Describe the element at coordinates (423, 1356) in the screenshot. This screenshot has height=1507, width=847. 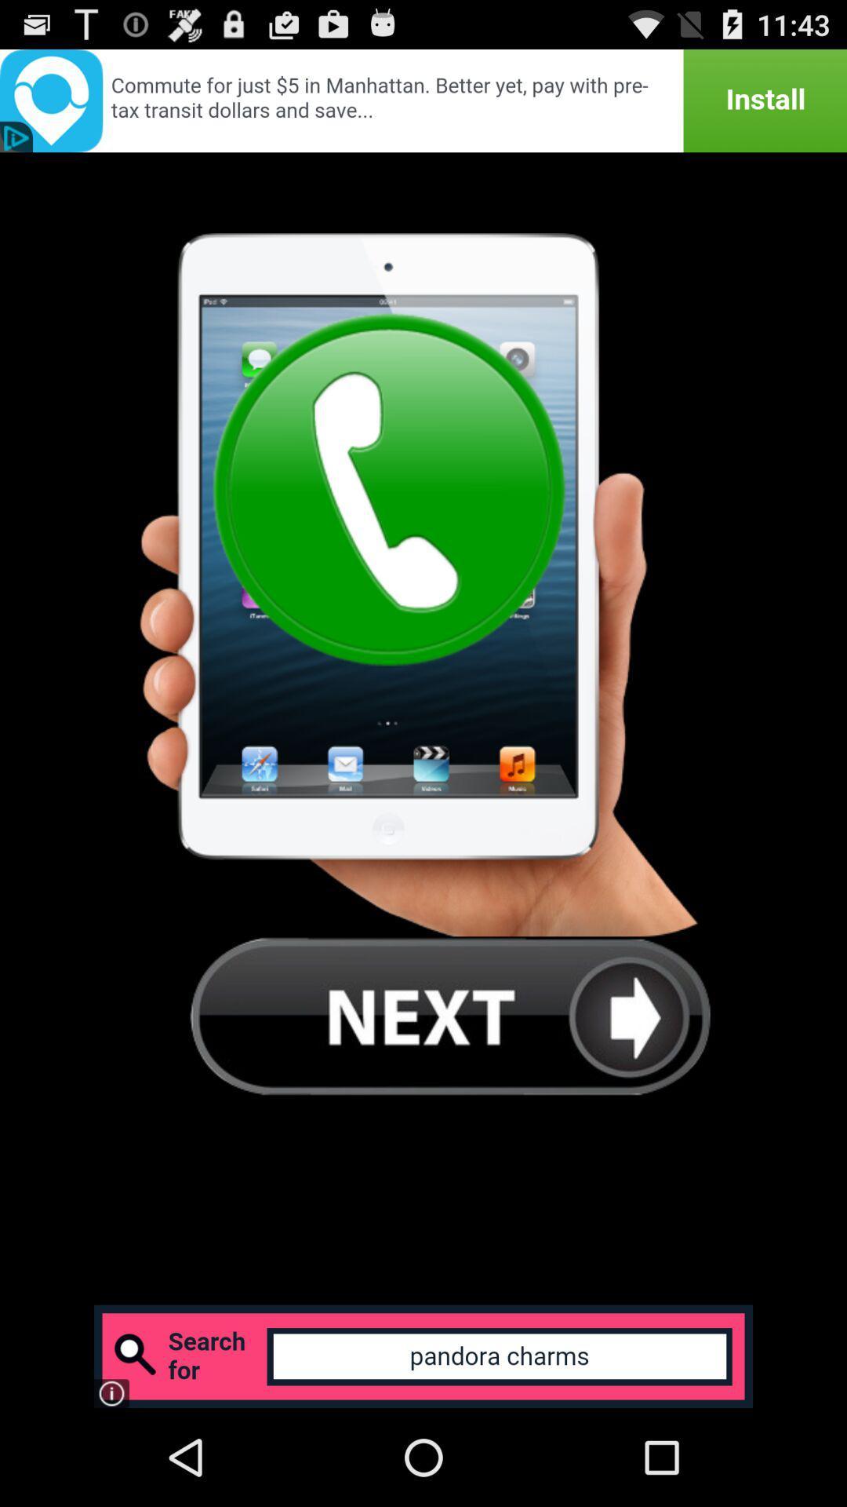
I see `search area` at that location.